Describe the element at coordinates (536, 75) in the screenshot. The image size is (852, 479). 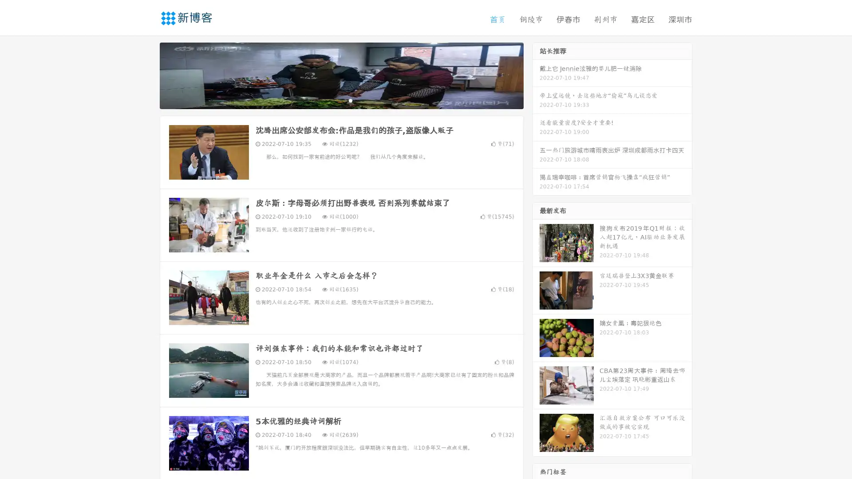
I see `Next slide` at that location.